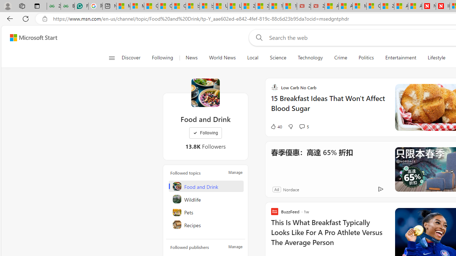 The height and width of the screenshot is (256, 456). What do you see at coordinates (220, 6) in the screenshot?
I see `'USA TODAY - MSN'` at bounding box center [220, 6].